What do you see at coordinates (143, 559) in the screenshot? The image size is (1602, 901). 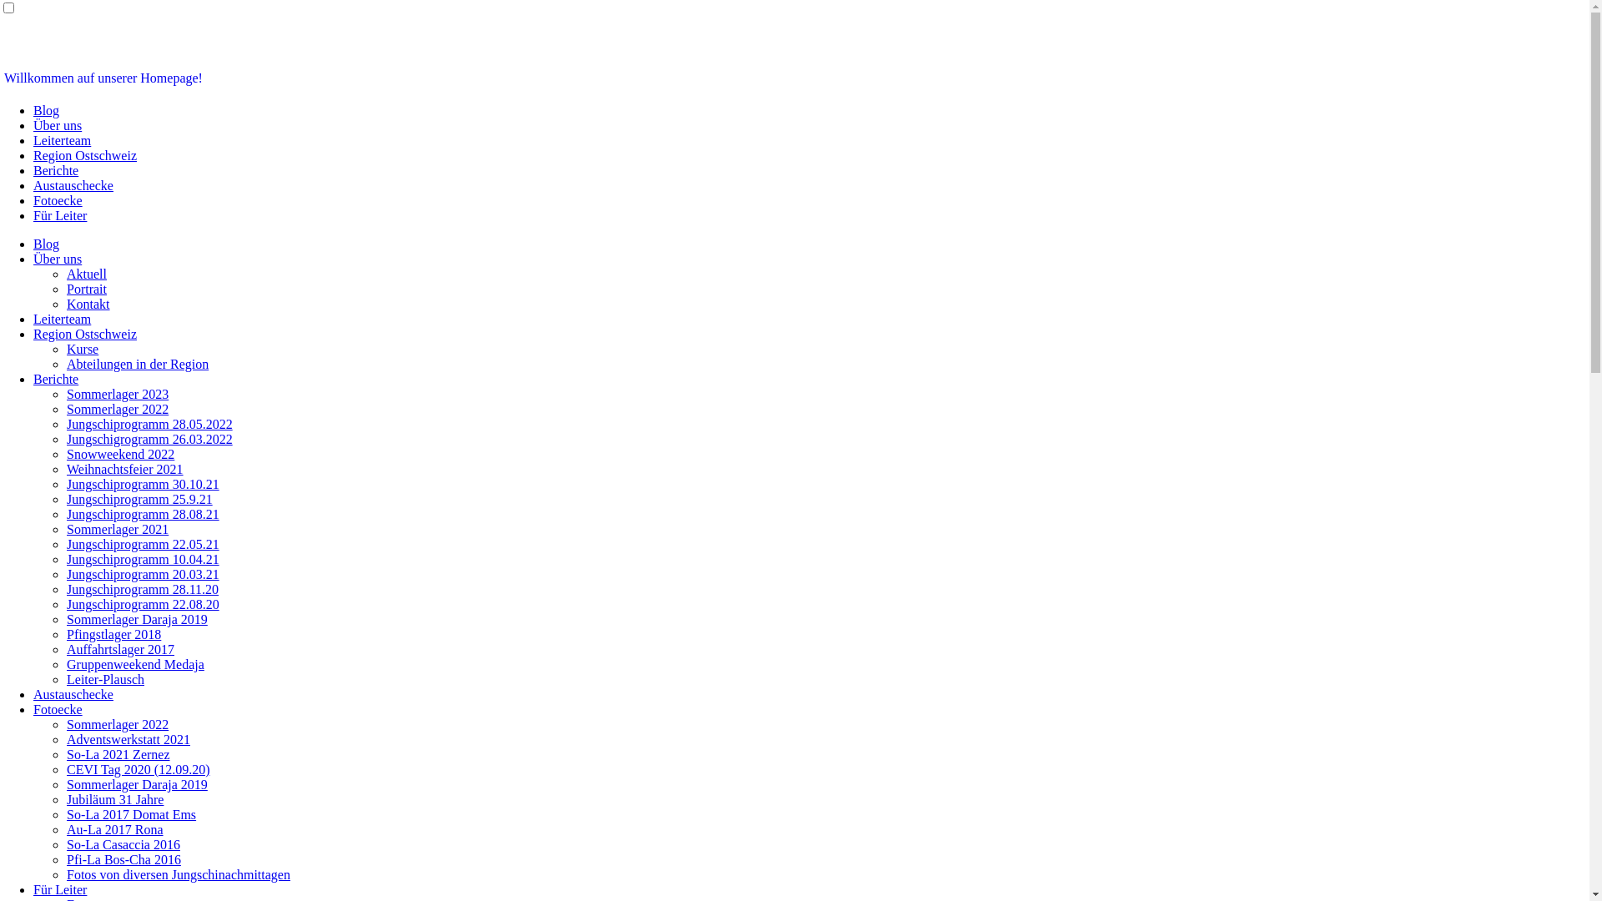 I see `'Jungschiprogramm 10.04.21'` at bounding box center [143, 559].